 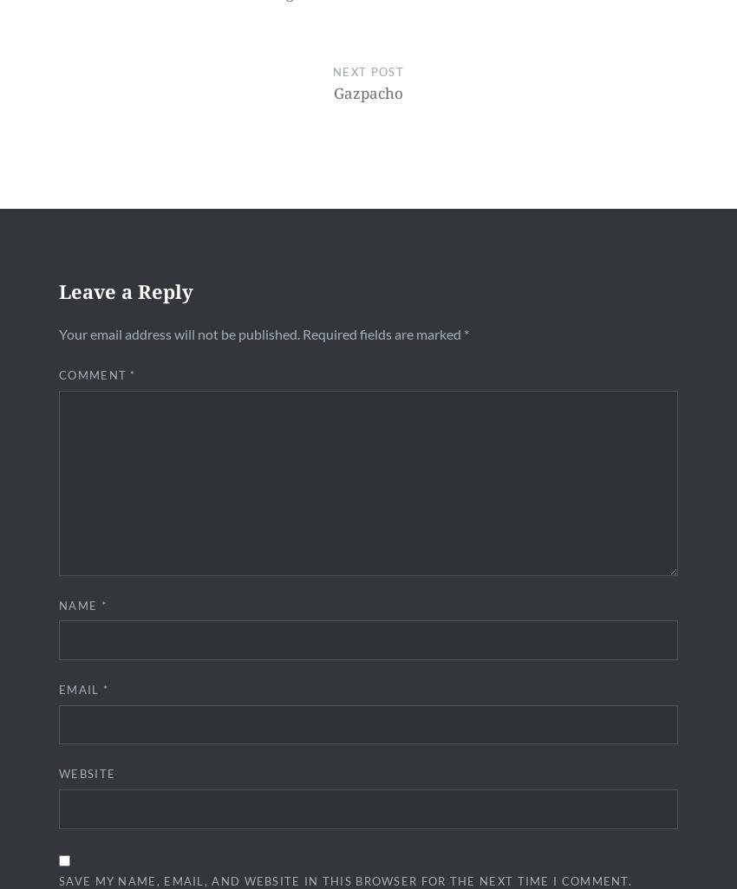 I want to click on 'Gazpacho', so click(x=368, y=93).